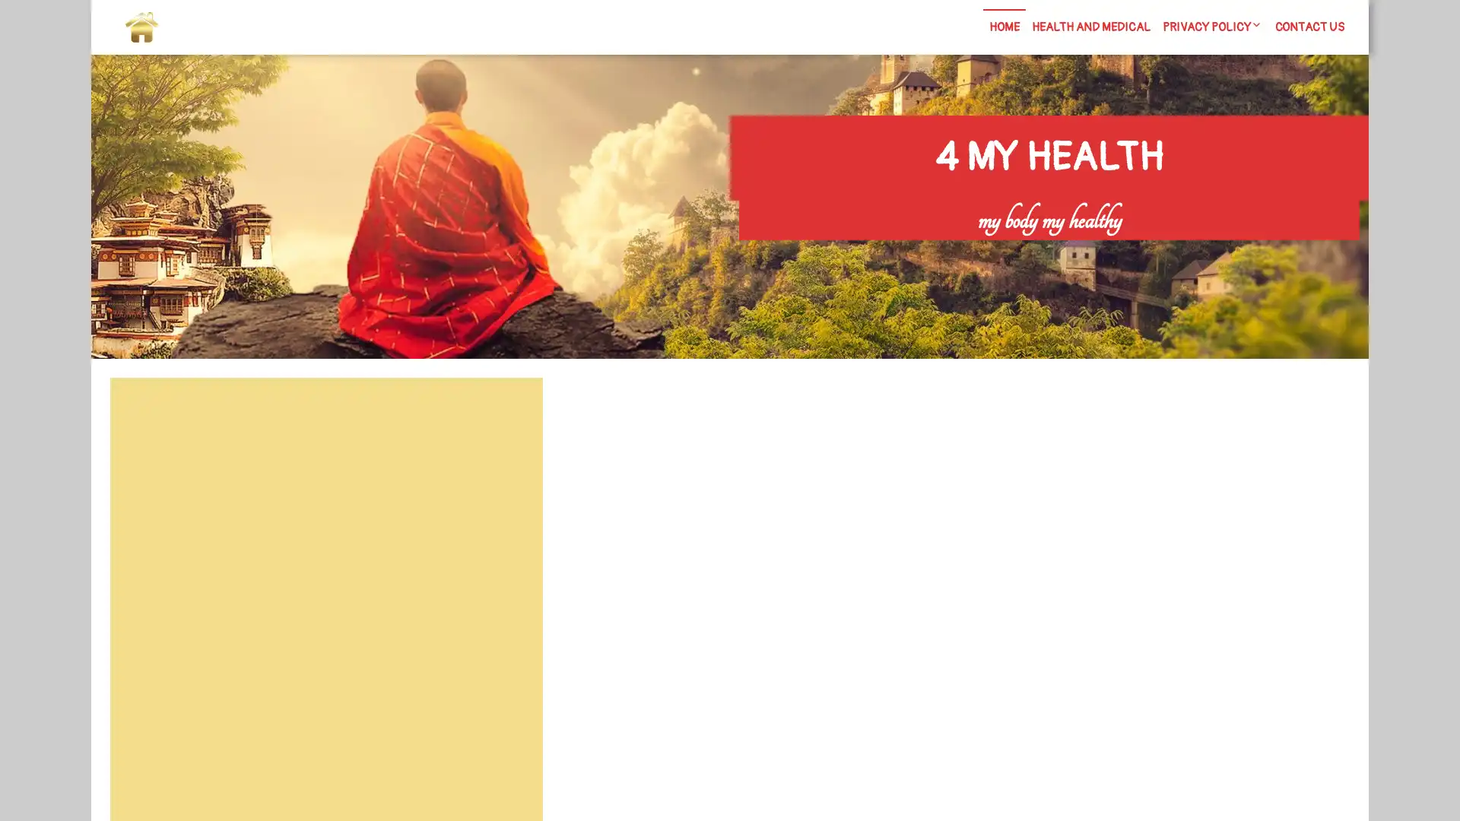 This screenshot has width=1460, height=821. Describe the element at coordinates (507, 414) in the screenshot. I see `Search` at that location.